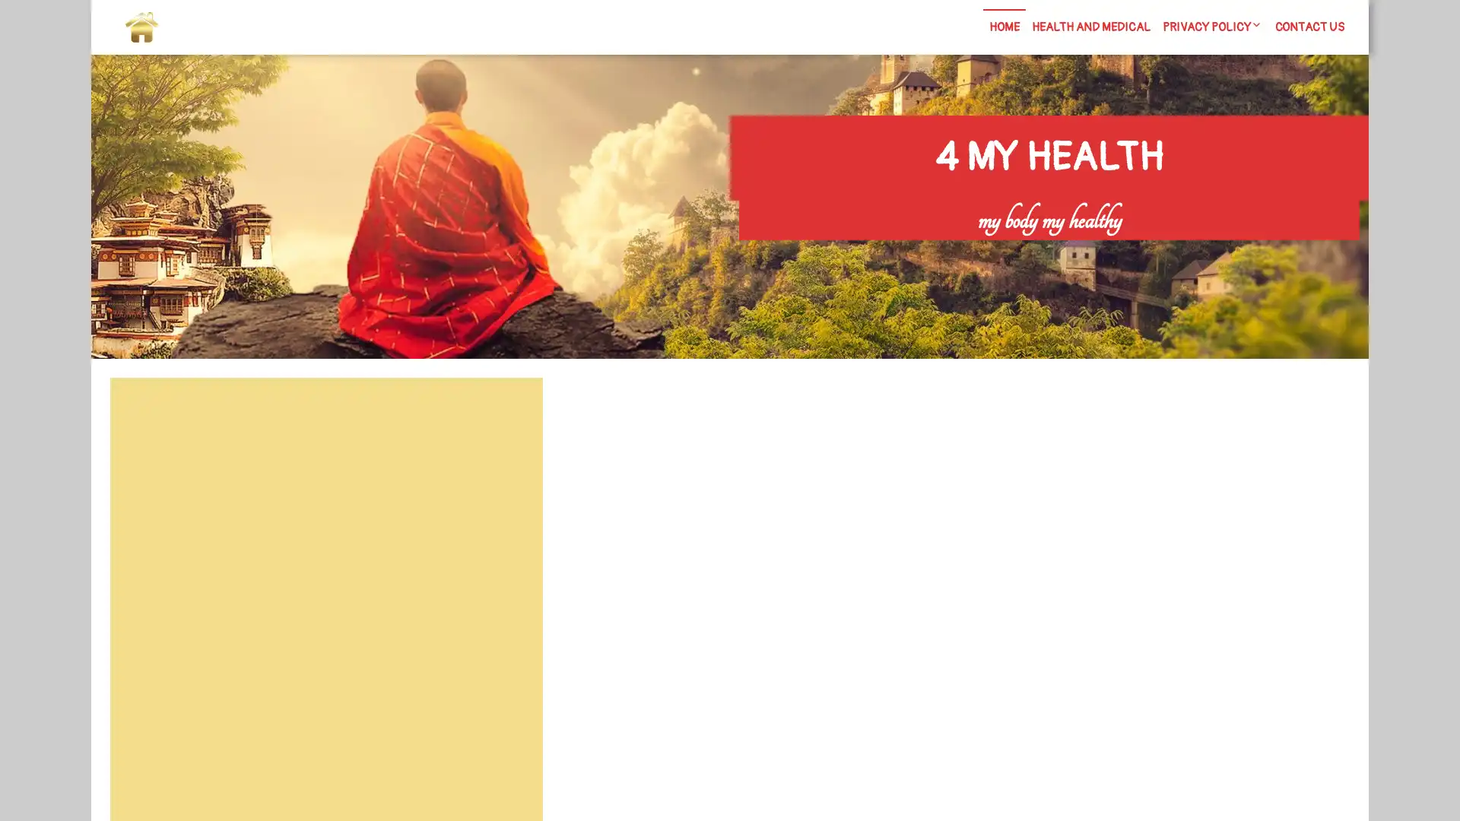 This screenshot has width=1460, height=821. Describe the element at coordinates (507, 414) in the screenshot. I see `Search` at that location.